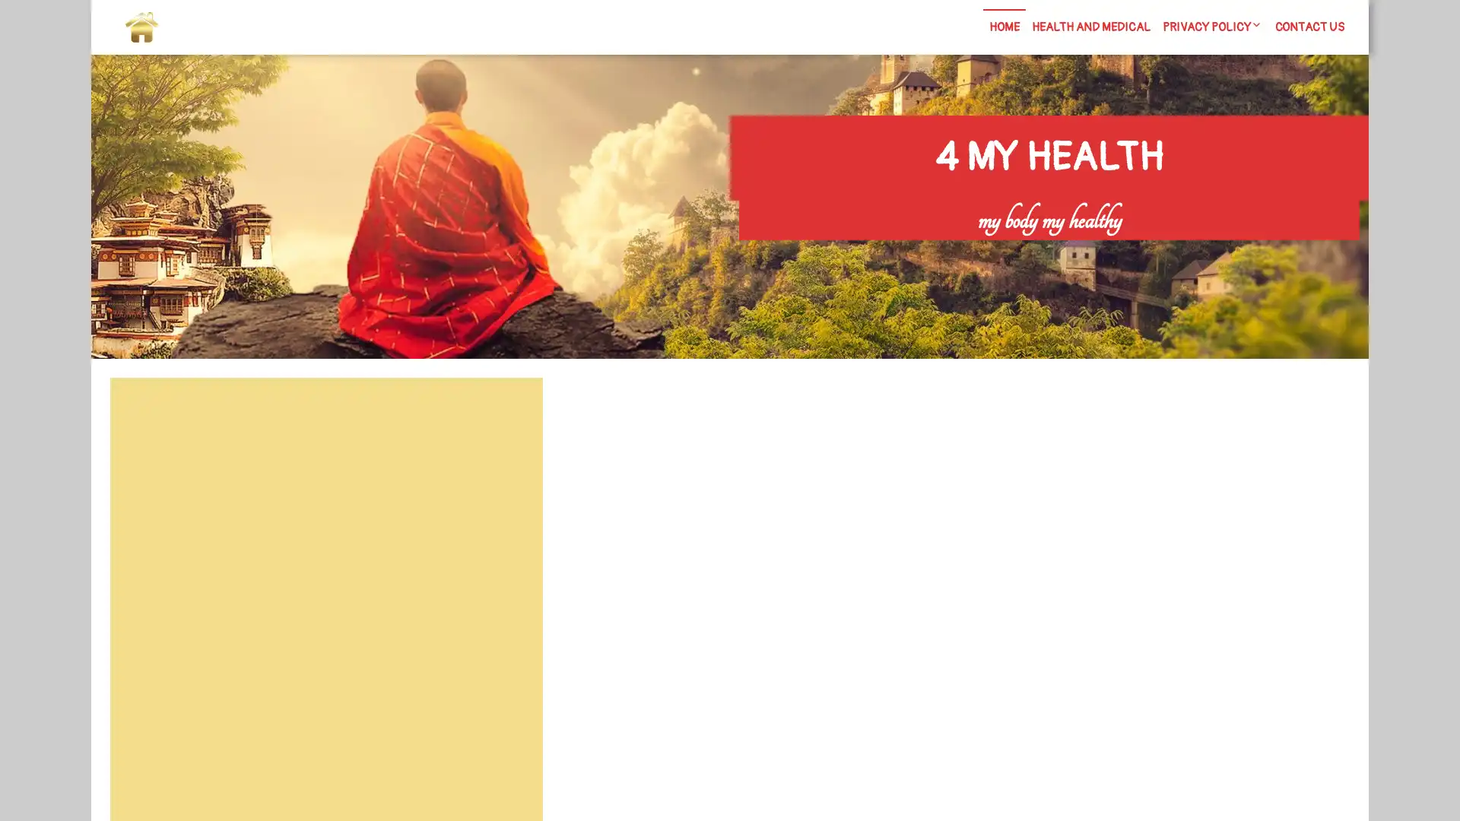 This screenshot has width=1460, height=821. Describe the element at coordinates (507, 414) in the screenshot. I see `Search` at that location.